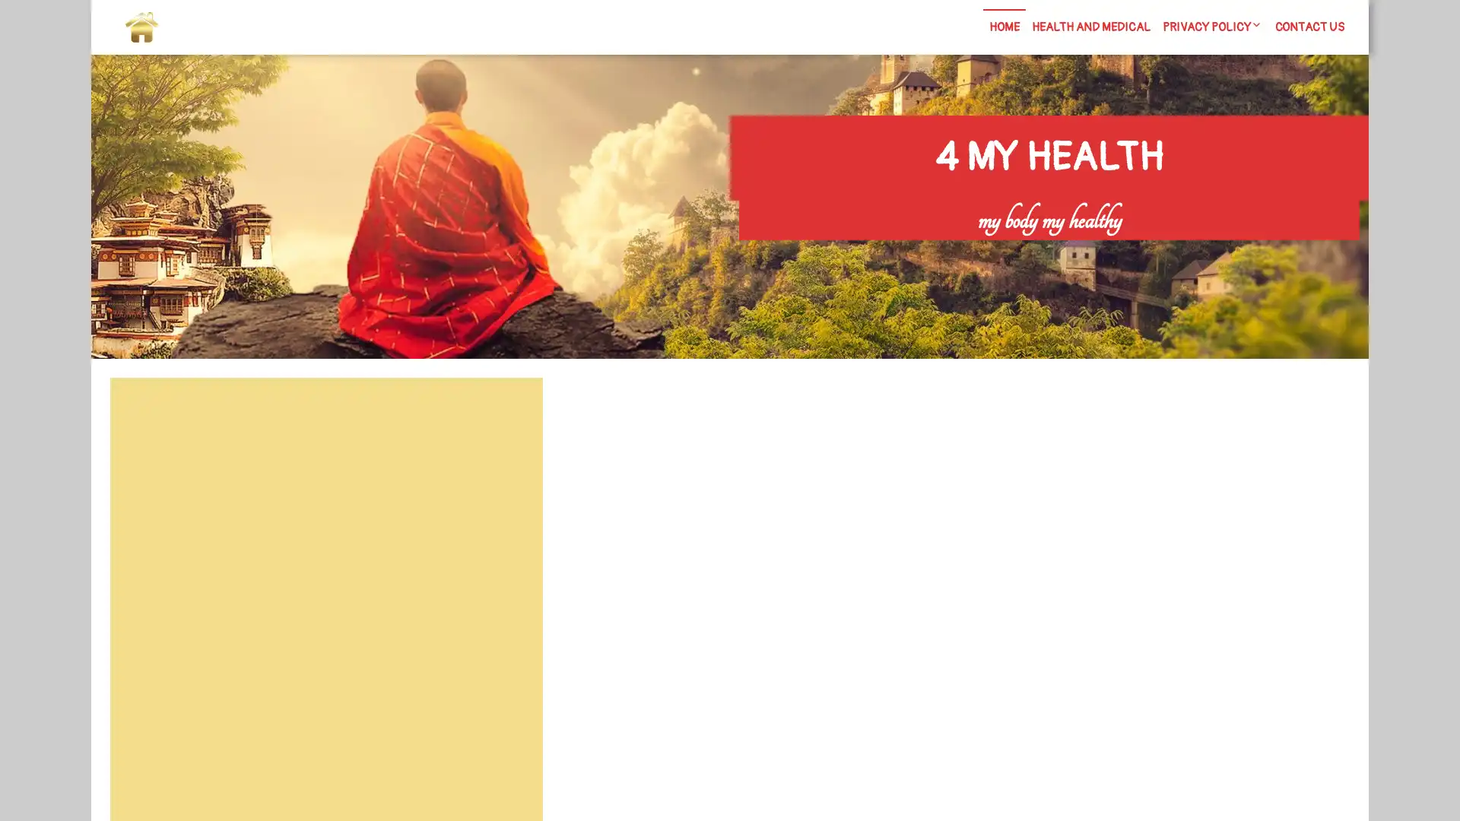 This screenshot has width=1460, height=821. Describe the element at coordinates (507, 414) in the screenshot. I see `Search` at that location.